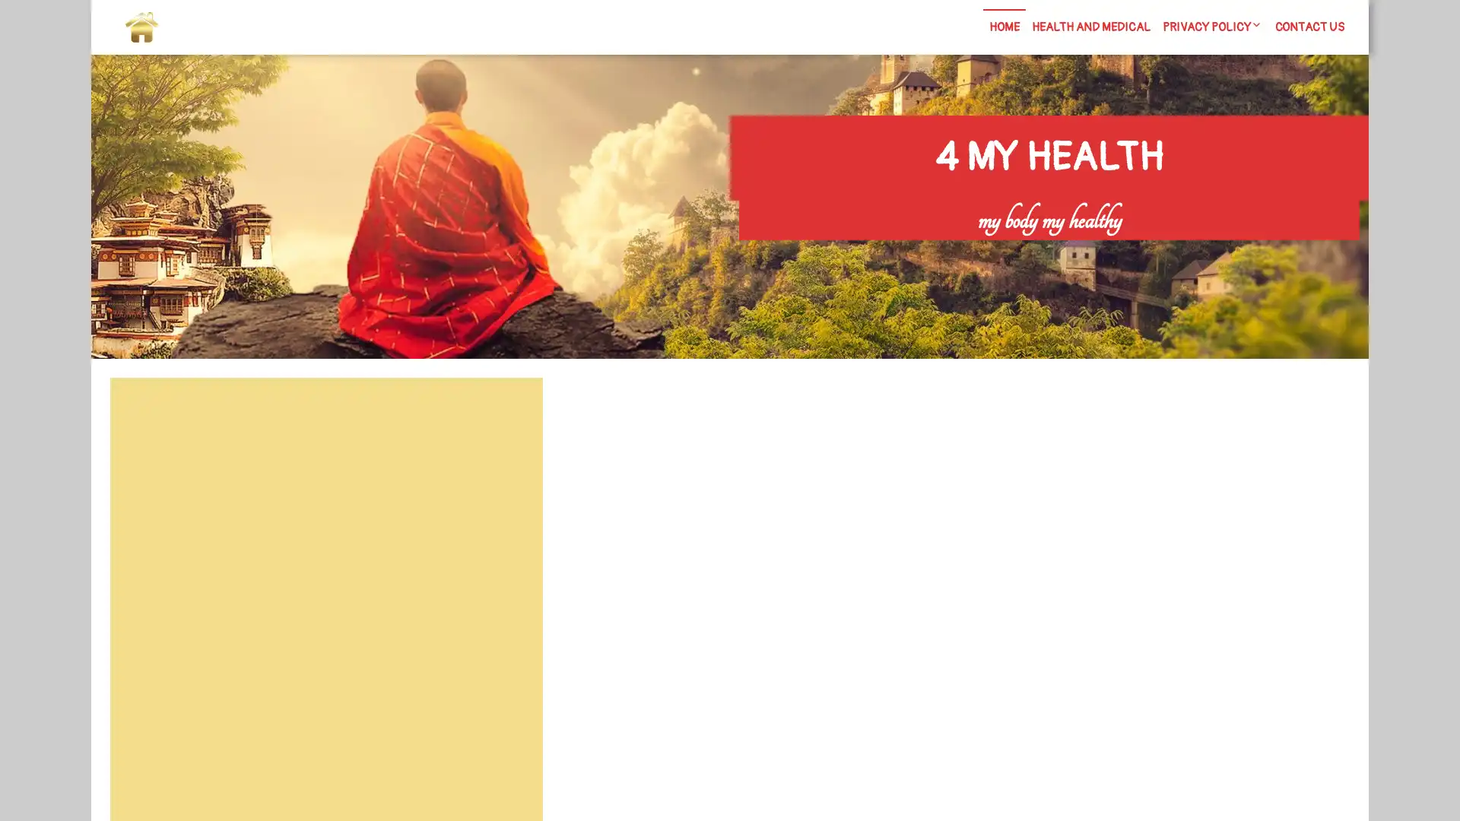 This screenshot has width=1460, height=821. Describe the element at coordinates (507, 414) in the screenshot. I see `Search` at that location.